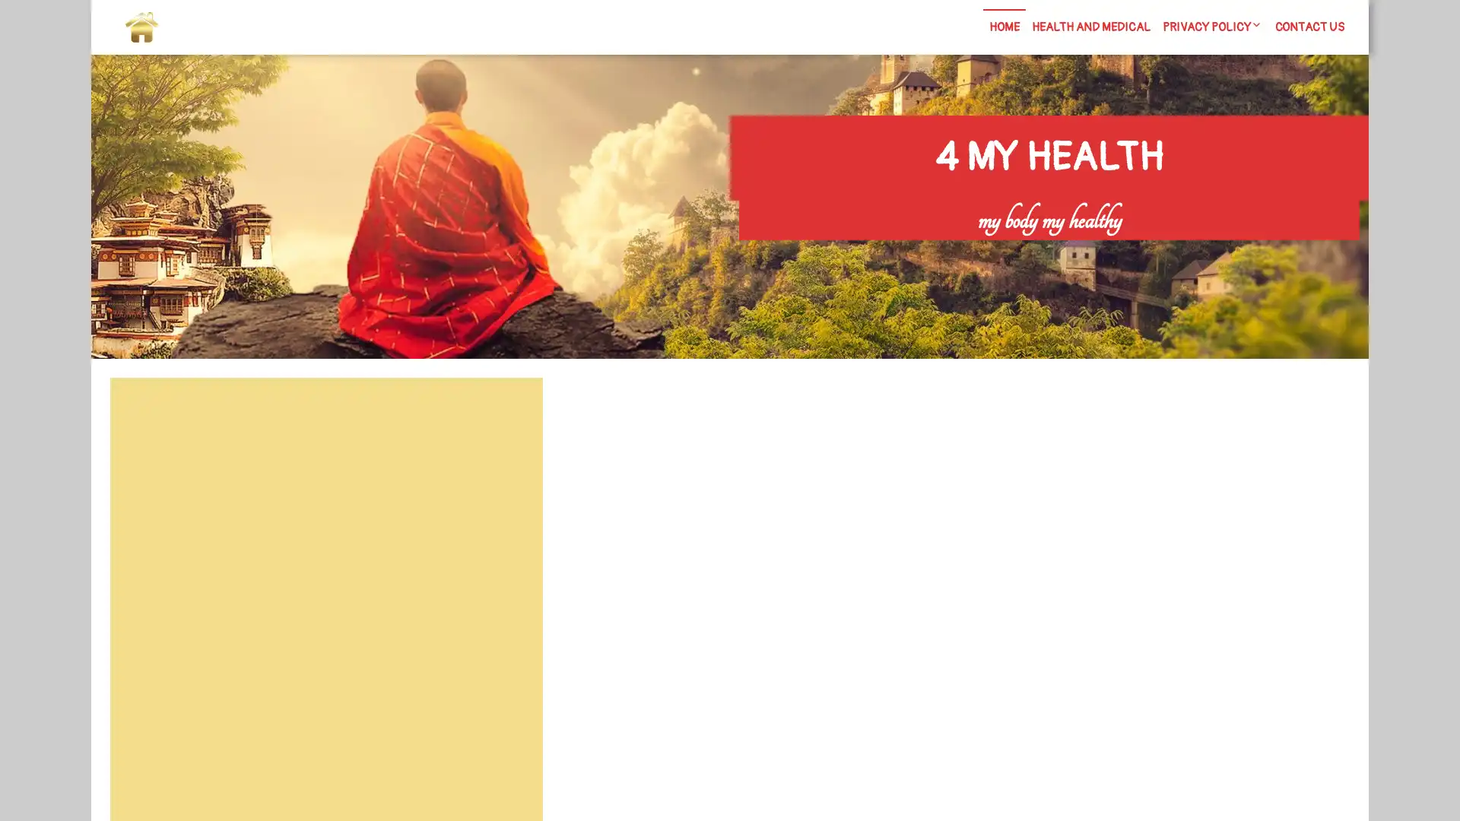 This screenshot has width=1460, height=821. Describe the element at coordinates (507, 414) in the screenshot. I see `Search` at that location.